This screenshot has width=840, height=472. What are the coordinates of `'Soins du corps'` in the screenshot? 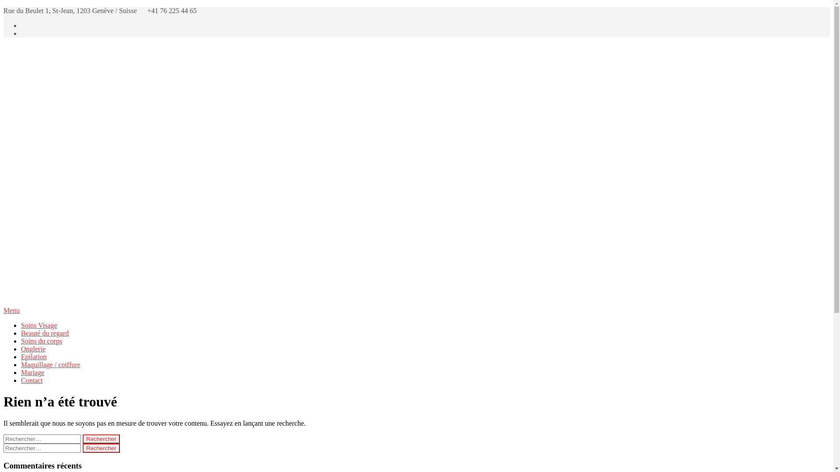 It's located at (41, 340).